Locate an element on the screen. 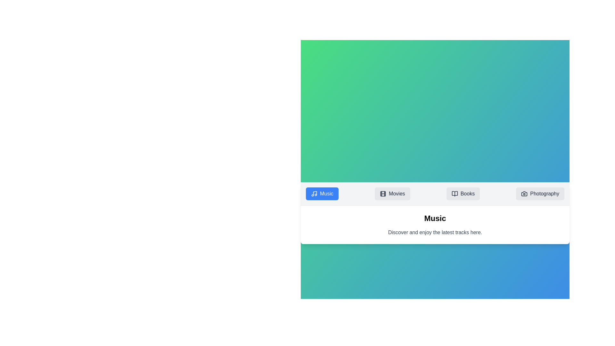  the 'Photography' button, which is the fourth button in the navigation bar is located at coordinates (540, 193).